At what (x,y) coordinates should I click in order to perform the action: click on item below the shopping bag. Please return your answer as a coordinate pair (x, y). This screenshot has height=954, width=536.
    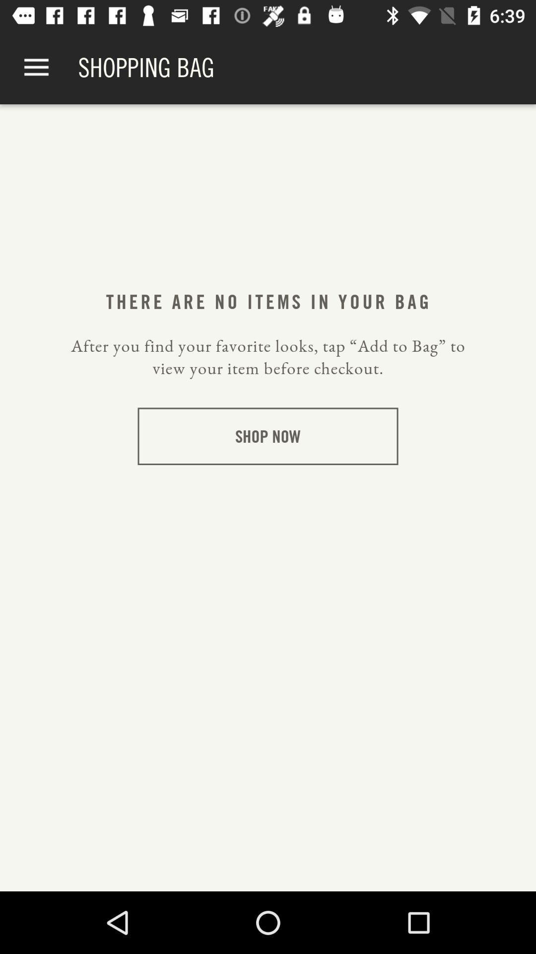
    Looking at the image, I should click on (267, 301).